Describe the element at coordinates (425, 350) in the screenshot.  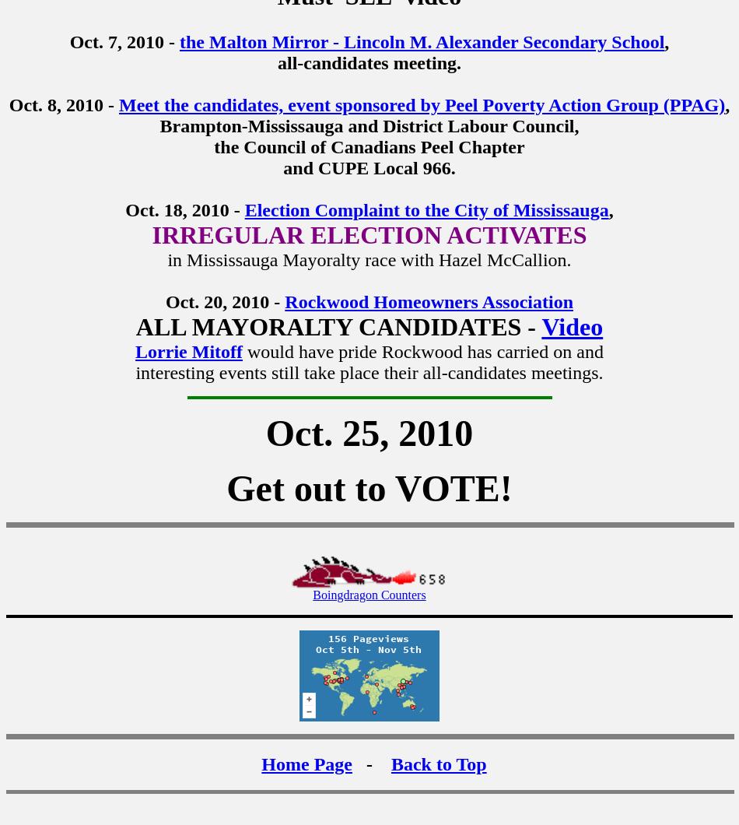
I see `'would have pride Rockwood has carried on and'` at that location.